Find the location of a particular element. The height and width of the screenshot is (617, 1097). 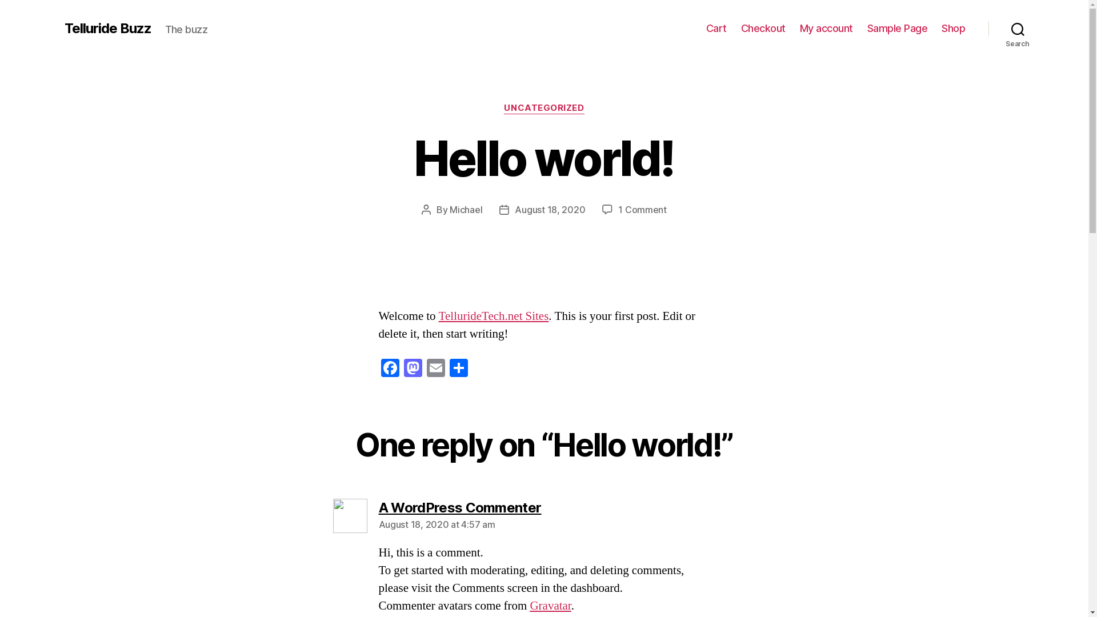

'August 18, 2020 at 4:57 am' is located at coordinates (435, 524).